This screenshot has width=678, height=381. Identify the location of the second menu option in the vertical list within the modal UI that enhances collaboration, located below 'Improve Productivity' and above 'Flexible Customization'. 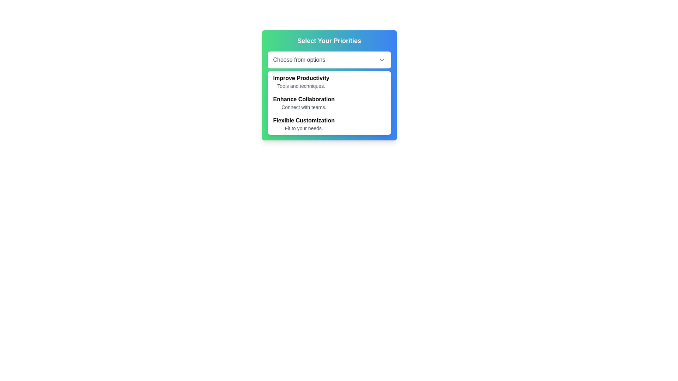
(329, 103).